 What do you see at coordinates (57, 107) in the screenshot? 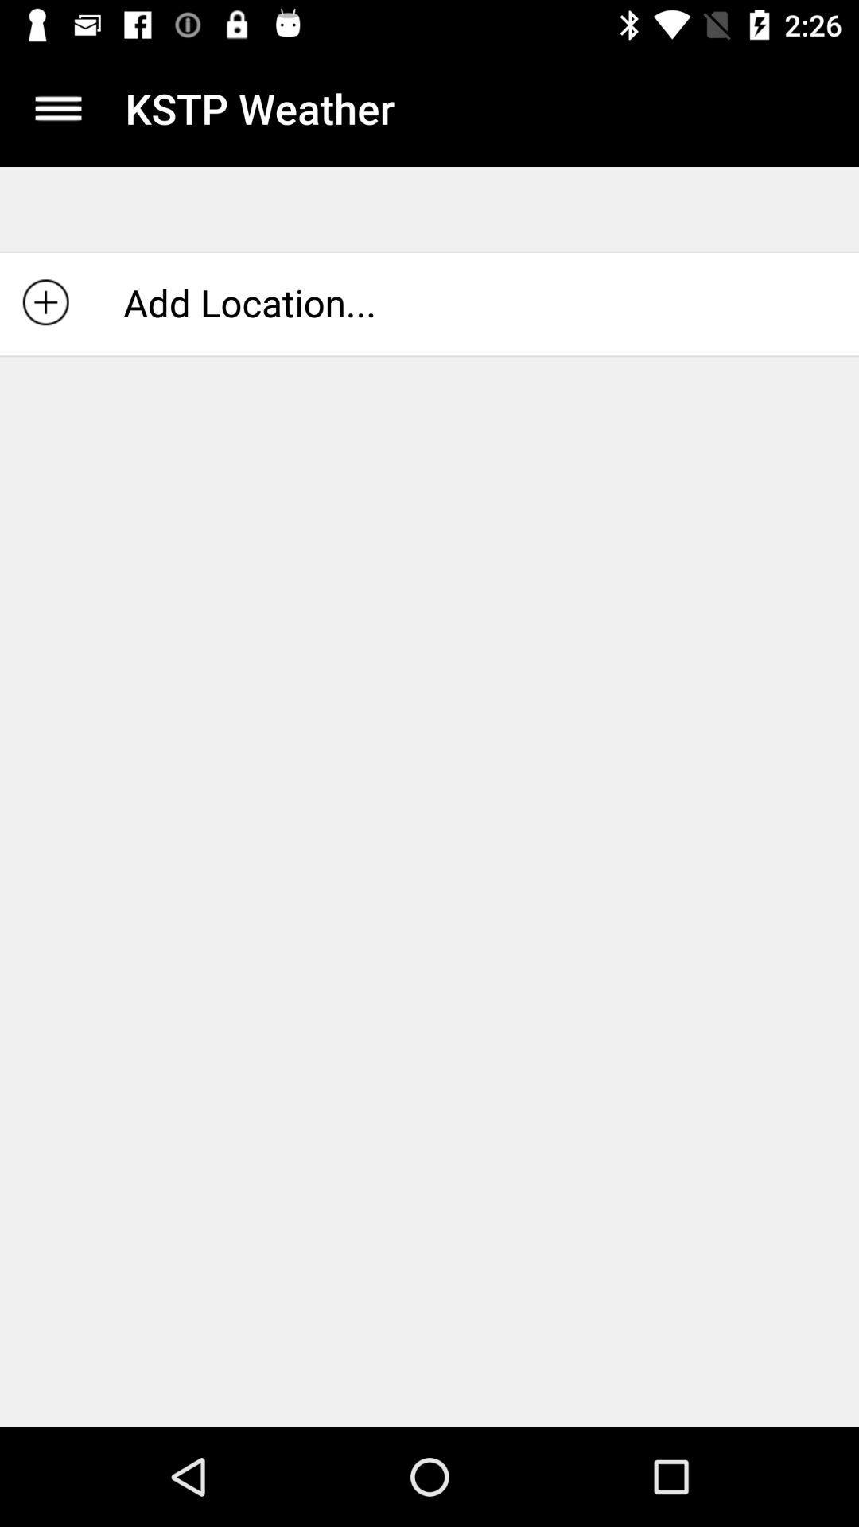
I see `icon above add location... item` at bounding box center [57, 107].